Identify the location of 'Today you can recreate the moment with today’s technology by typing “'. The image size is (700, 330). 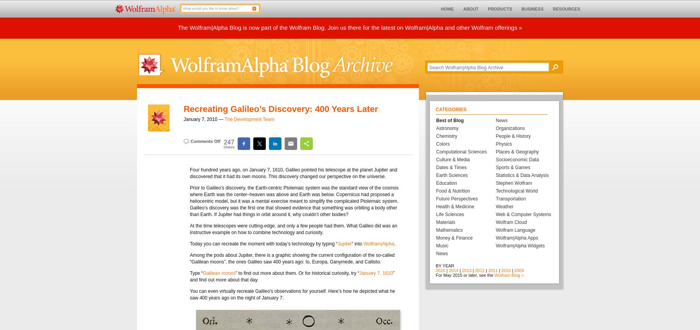
(263, 243).